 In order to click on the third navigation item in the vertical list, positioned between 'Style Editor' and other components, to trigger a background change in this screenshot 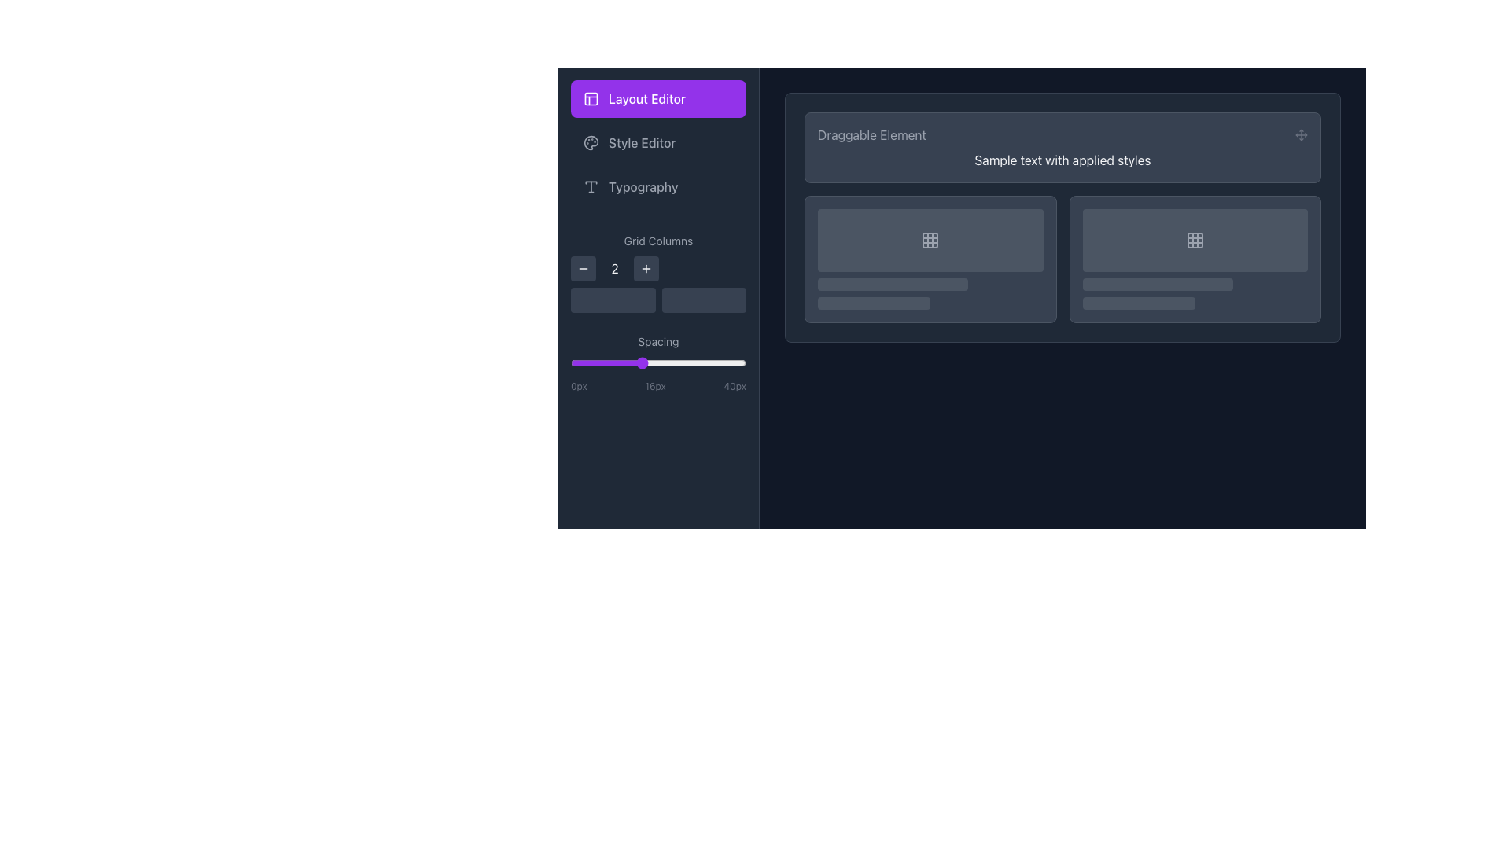, I will do `click(658, 186)`.